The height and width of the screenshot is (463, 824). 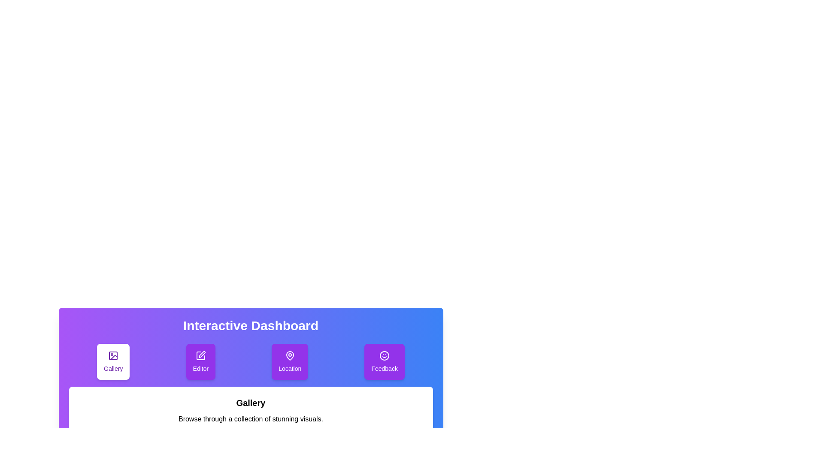 What do you see at coordinates (200, 362) in the screenshot?
I see `the tab labeled Editor by clicking on its button` at bounding box center [200, 362].